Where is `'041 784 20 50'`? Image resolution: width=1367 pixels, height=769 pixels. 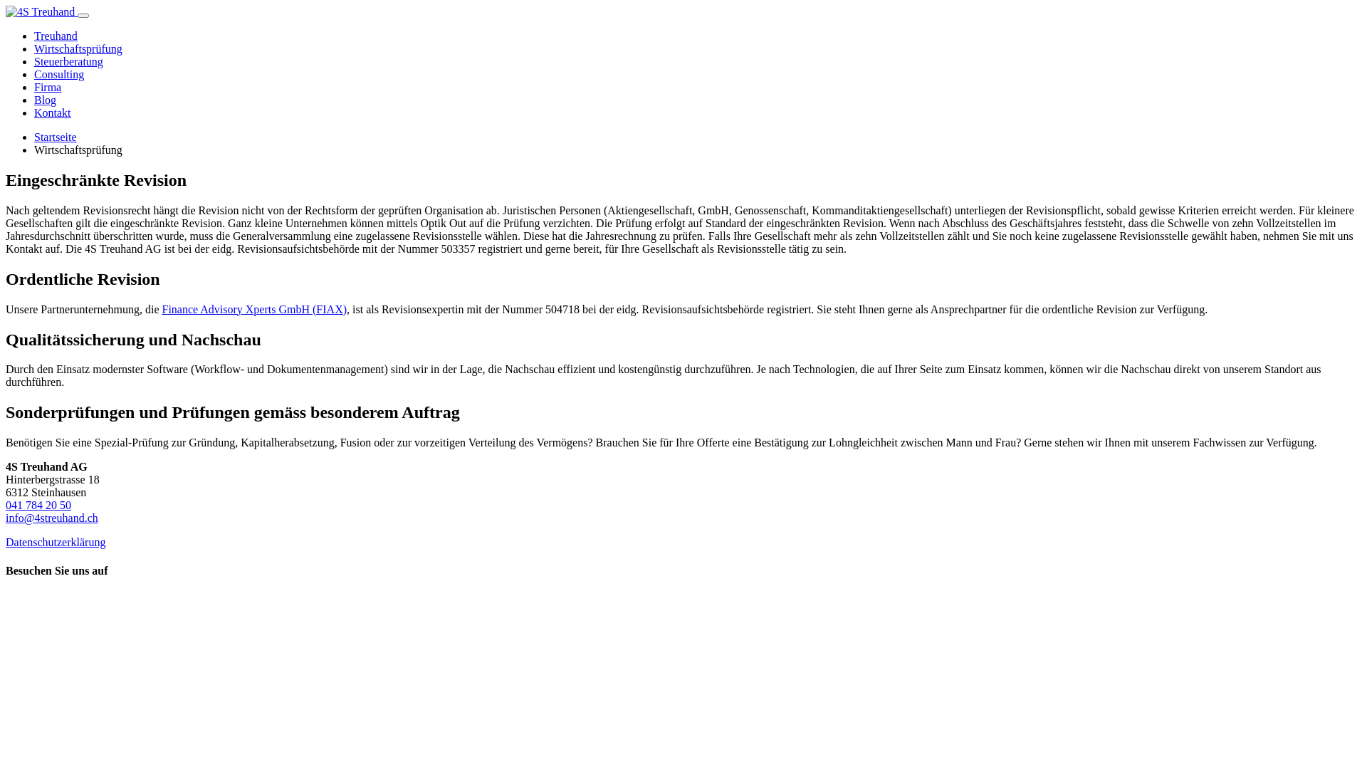 '041 784 20 50' is located at coordinates (38, 504).